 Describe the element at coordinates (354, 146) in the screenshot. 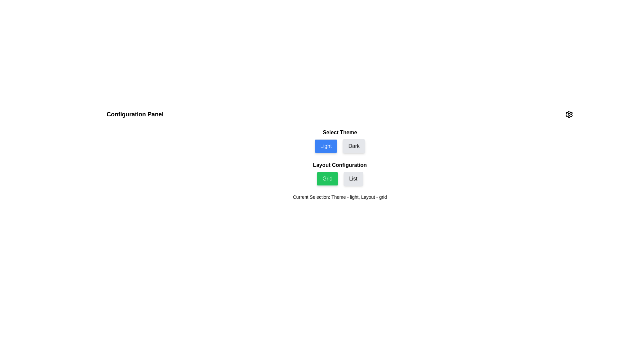

I see `the 'Dark' button, which is a rectangular button with rounded corners and the text 'Dark' in black` at that location.